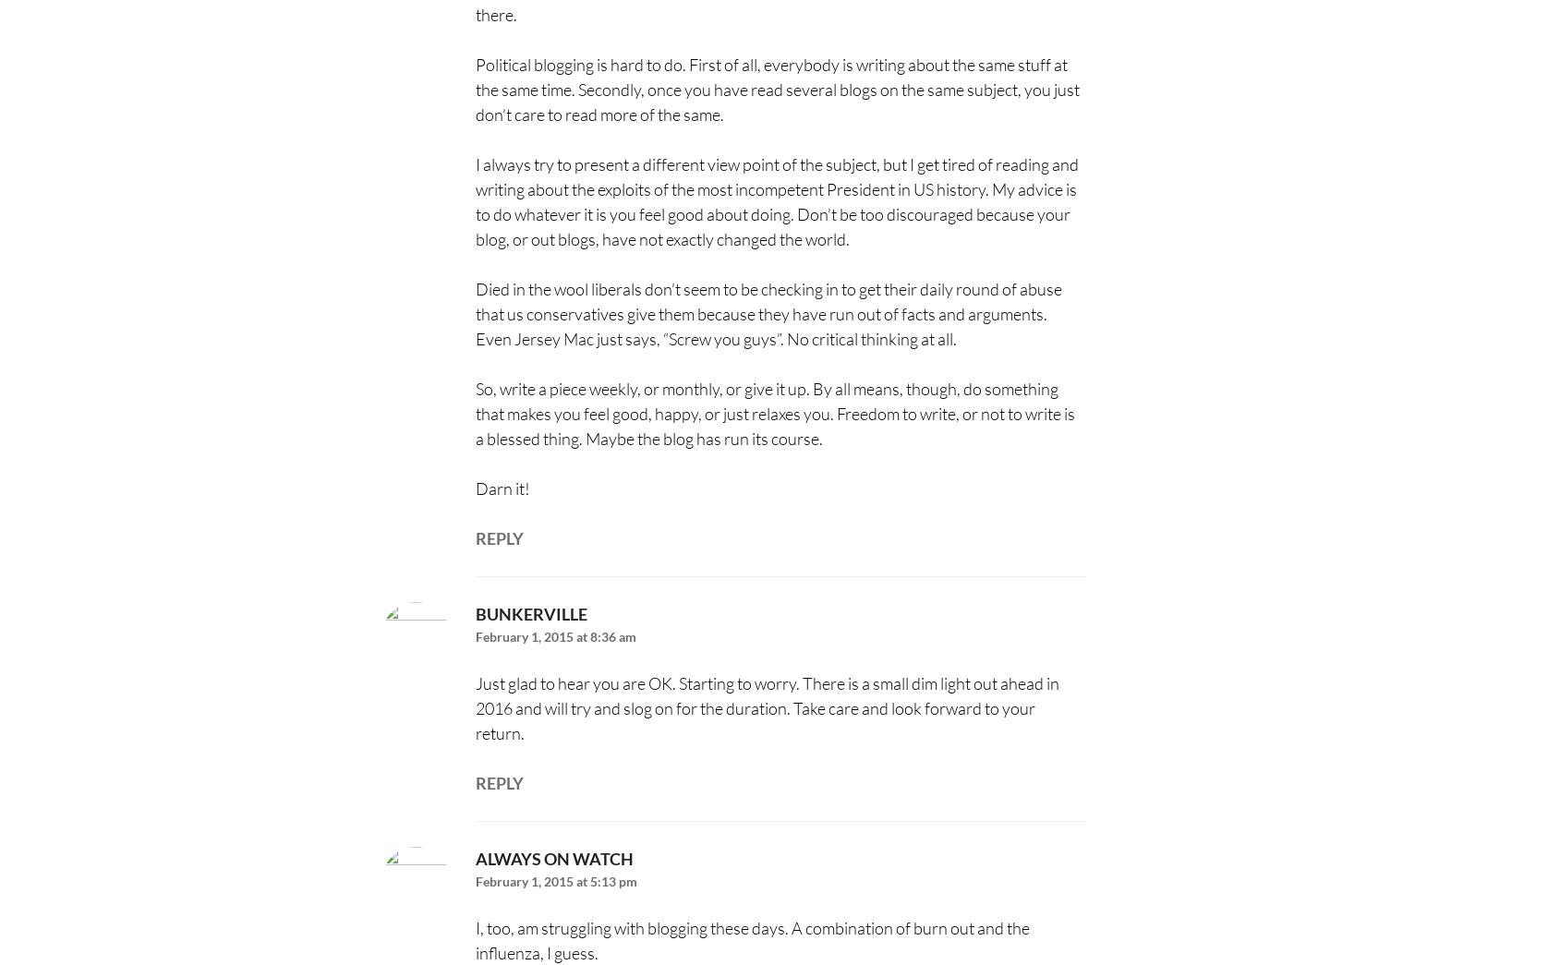 The height and width of the screenshot is (965, 1560). I want to click on 'bunkerville', so click(529, 614).